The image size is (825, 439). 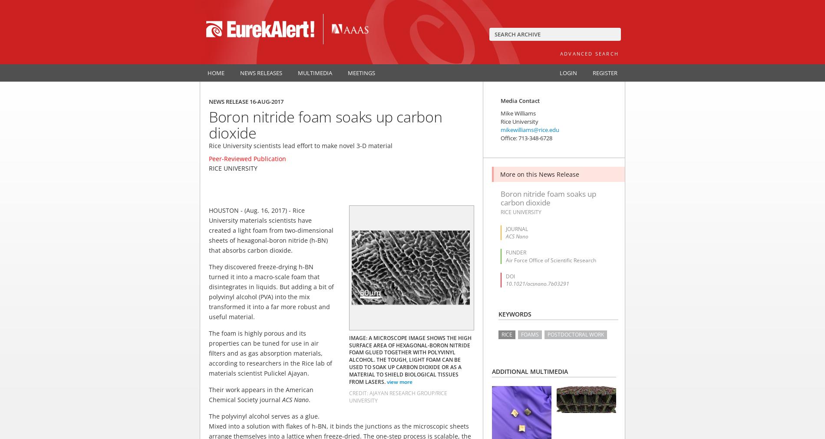 What do you see at coordinates (309, 399) in the screenshot?
I see `'.'` at bounding box center [309, 399].